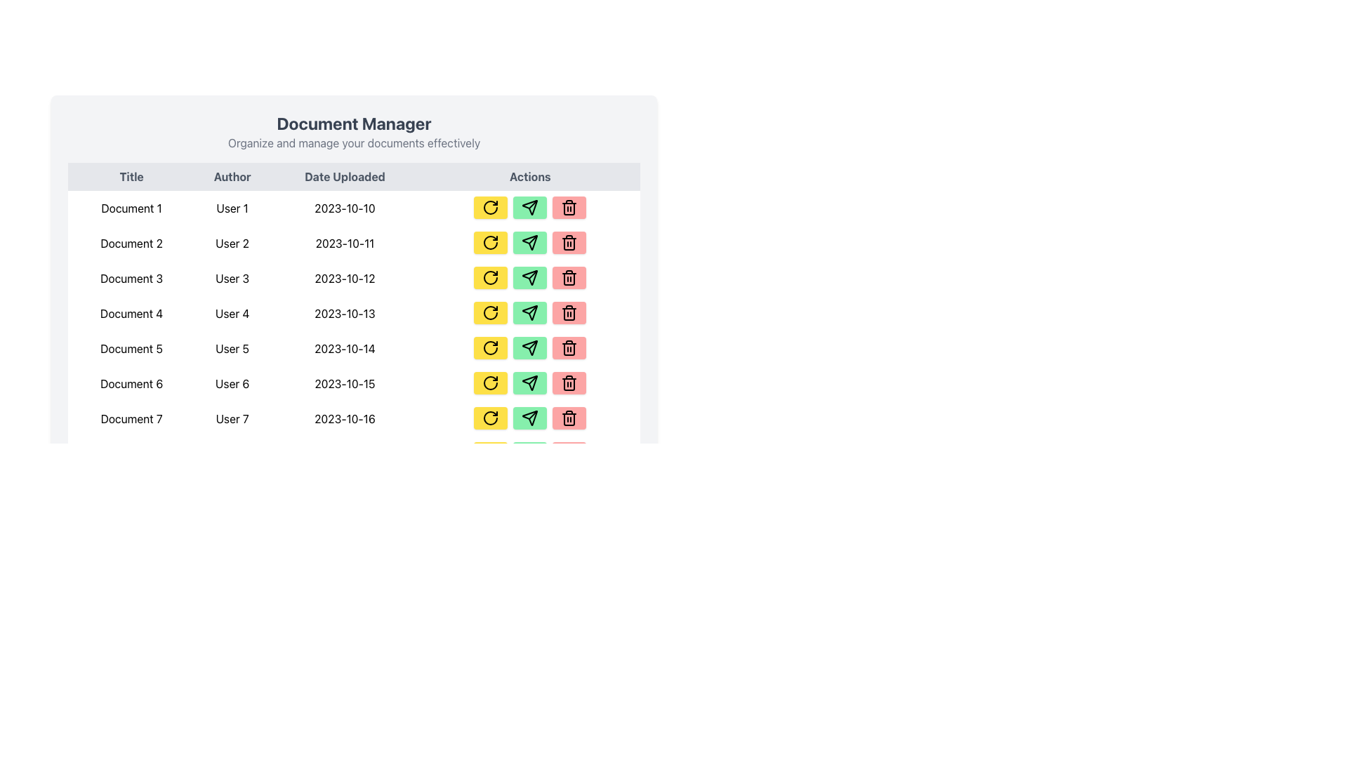  I want to click on the text label displaying the date '2023-10-14' in the 'Date Uploaded' column of the document table, which is the third item in the fifth row, so click(345, 348).